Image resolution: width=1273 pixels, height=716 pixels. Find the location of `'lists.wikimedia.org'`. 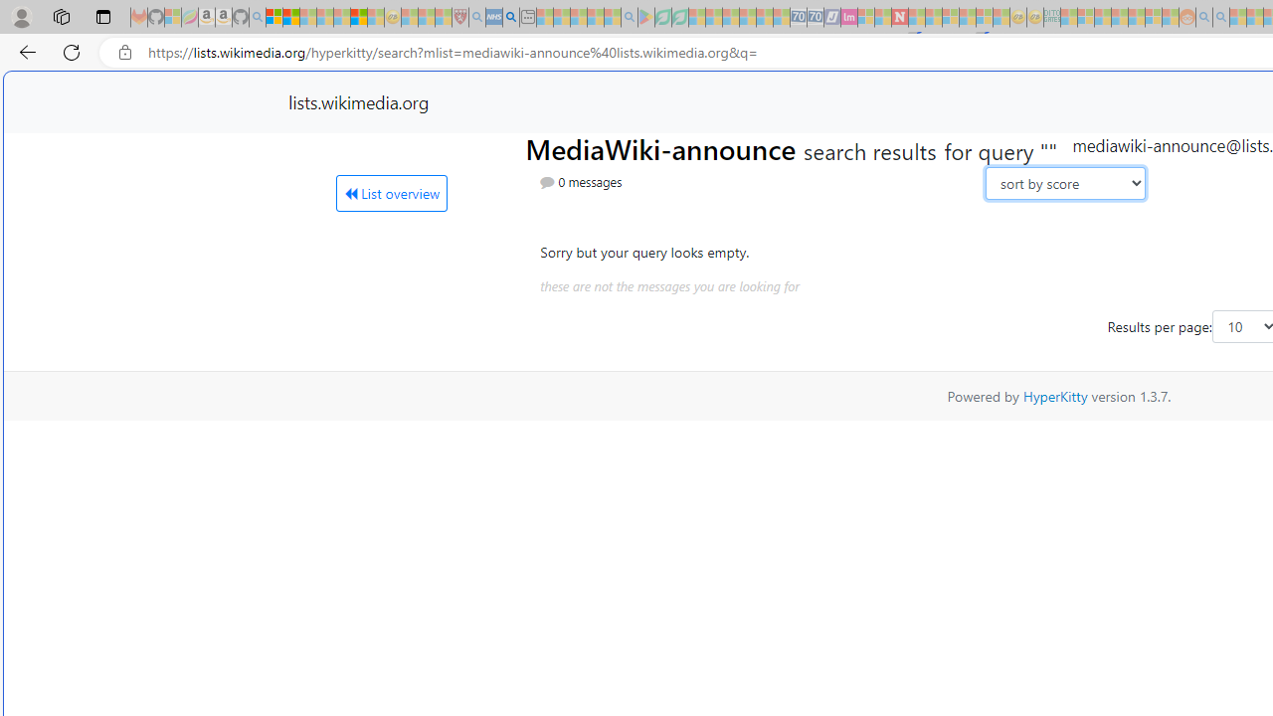

'lists.wikimedia.org' is located at coordinates (358, 101).